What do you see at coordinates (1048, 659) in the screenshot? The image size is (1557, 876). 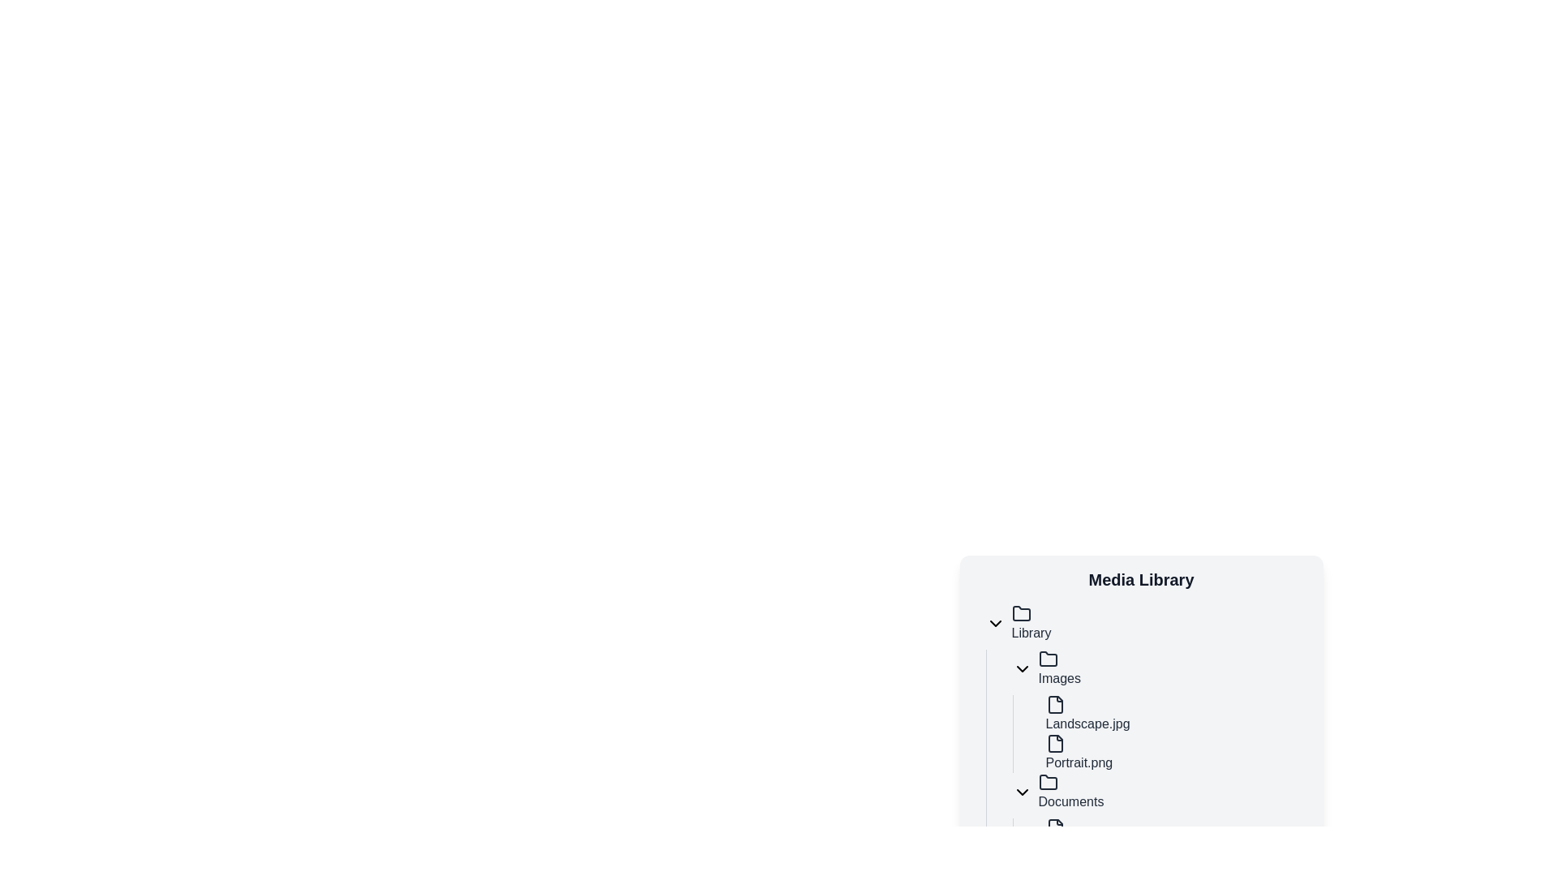 I see `to select or expand the 'Images' node represented by a folder icon in the Media Library UI area` at bounding box center [1048, 659].